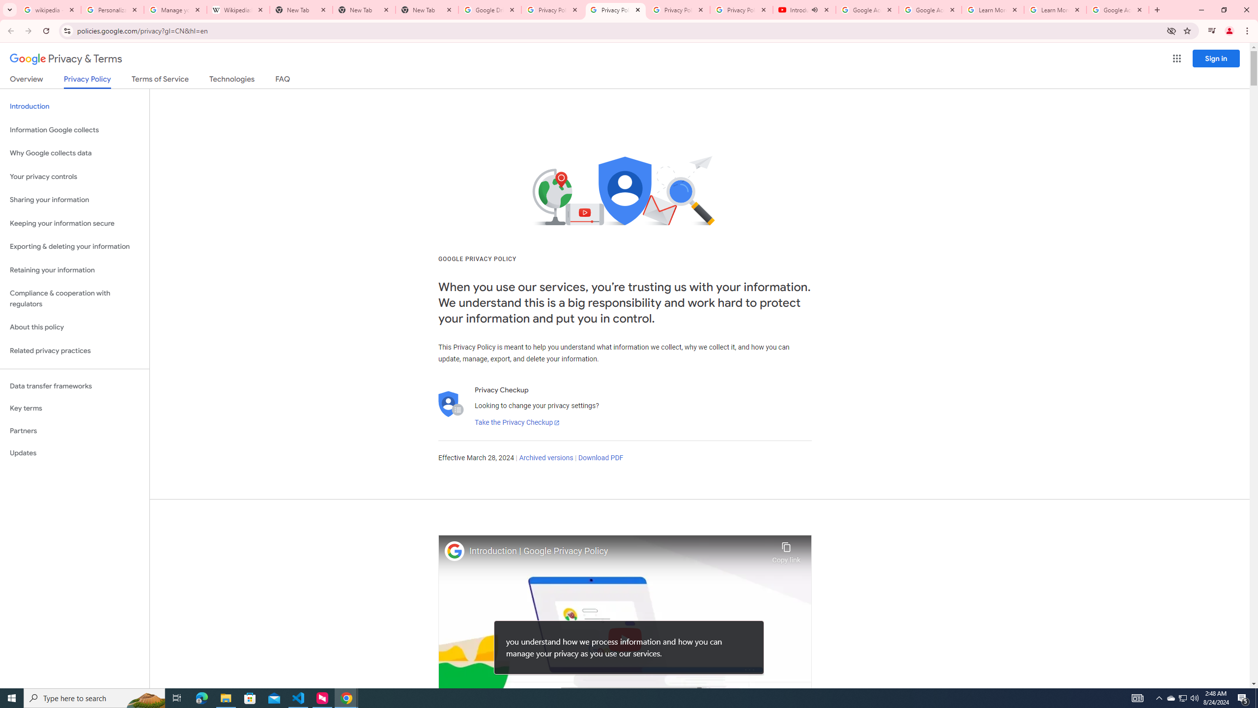  Describe the element at coordinates (786, 550) in the screenshot. I see `'Copy link'` at that location.